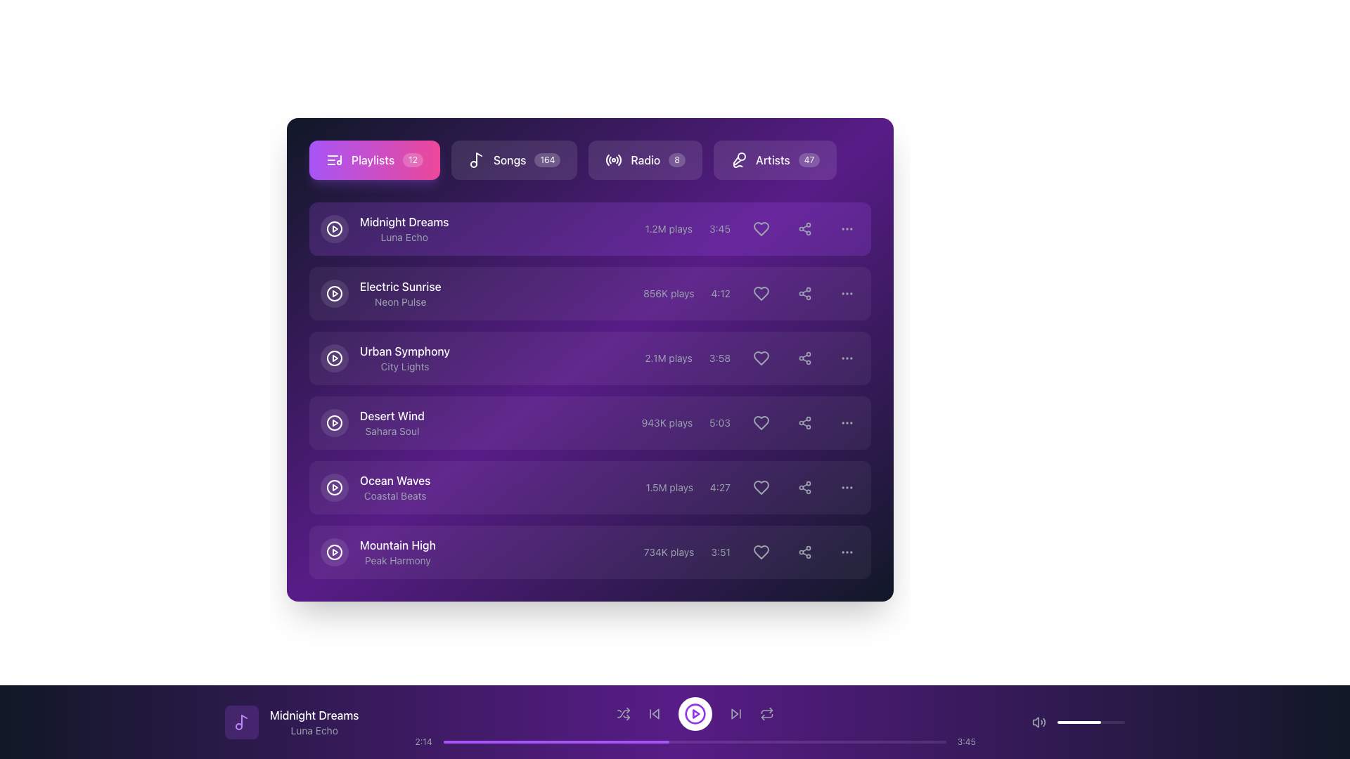 The height and width of the screenshot is (759, 1350). Describe the element at coordinates (242, 722) in the screenshot. I see `the purple music note icon located within a semi-transparent rounded square background, positioned on the bottom left of the music player section, near the 'Midnight Dreams' title` at that location.